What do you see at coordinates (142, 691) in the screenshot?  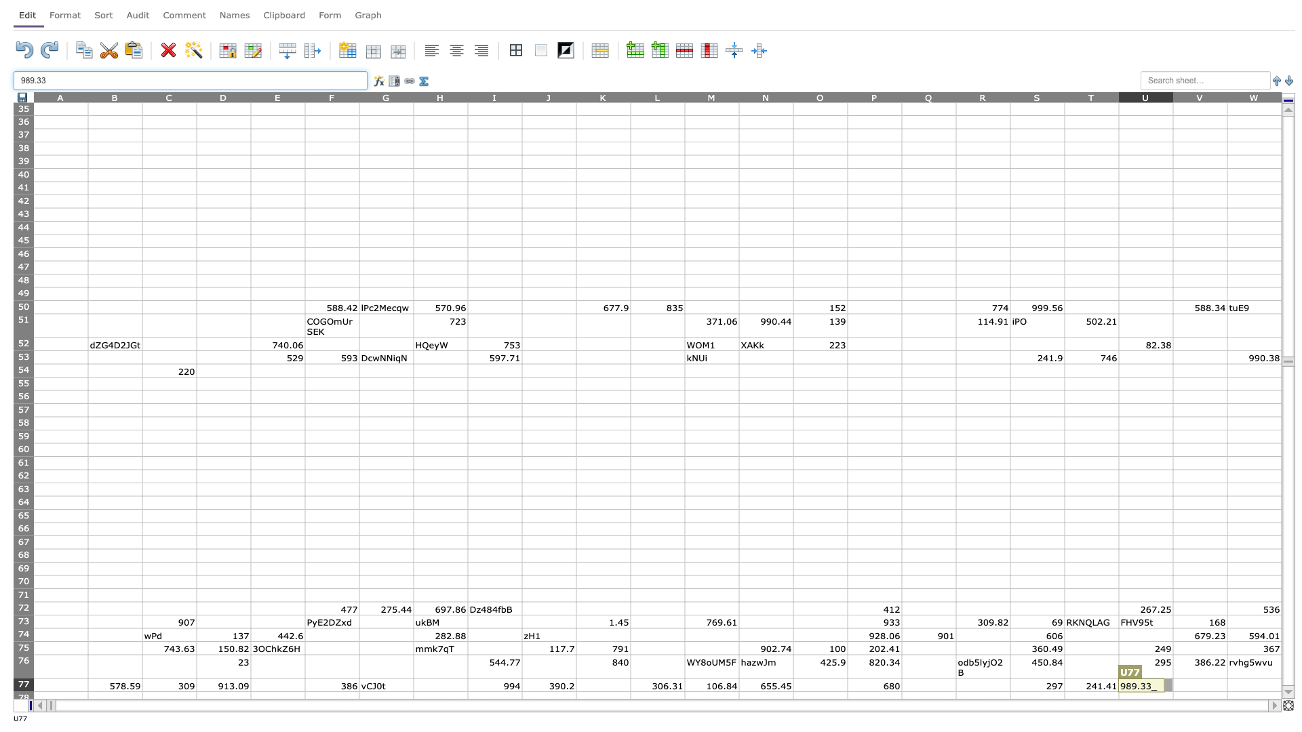 I see `Top left of cell C78` at bounding box center [142, 691].